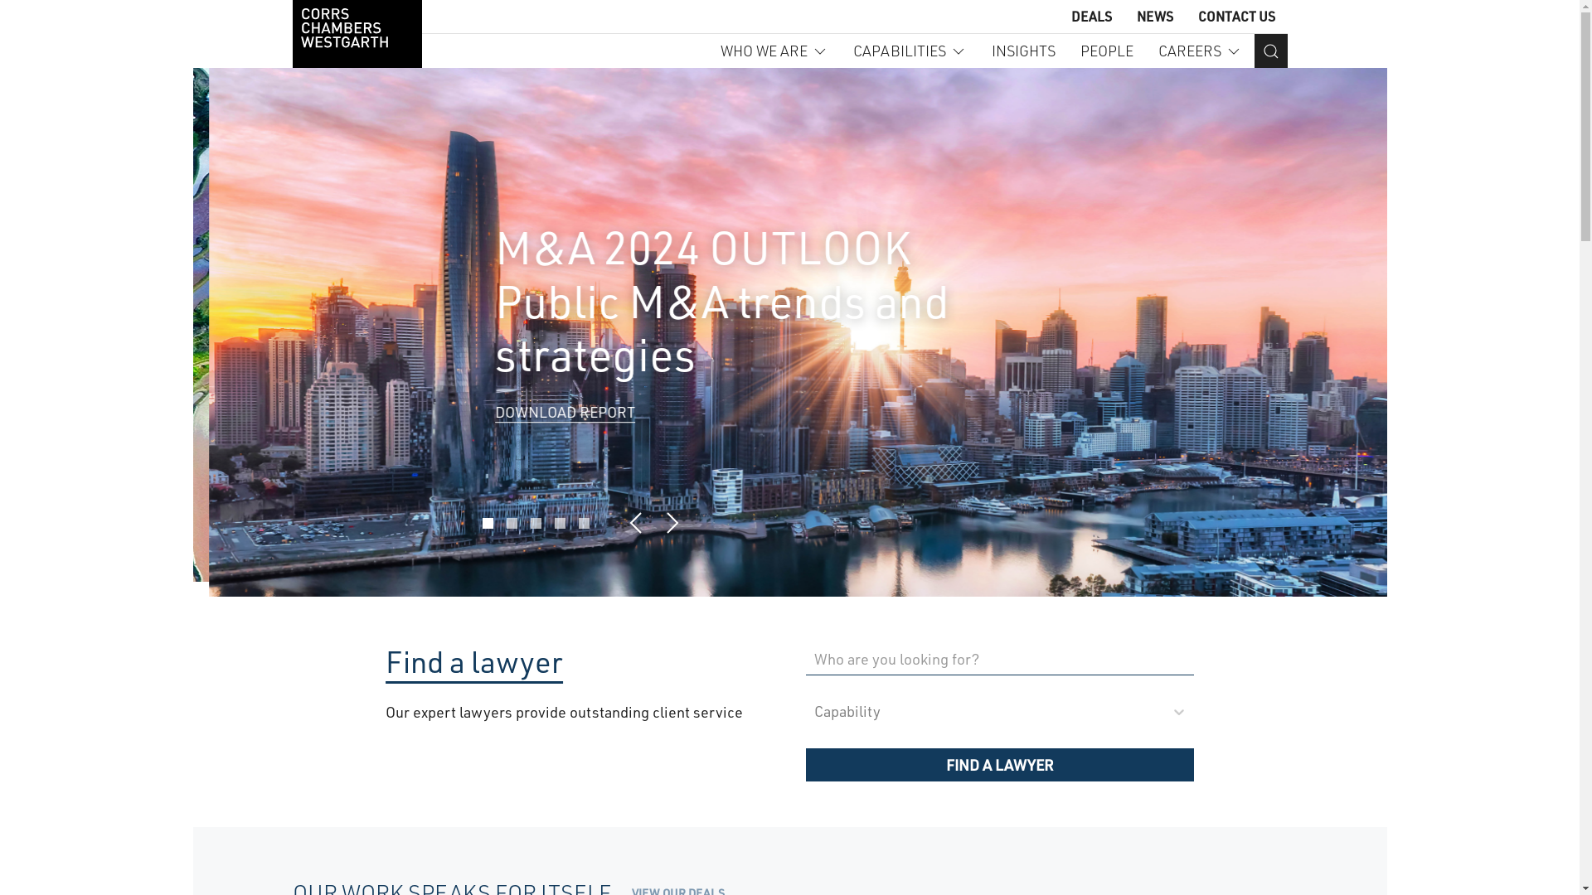  I want to click on 'DEALS', so click(1091, 16).